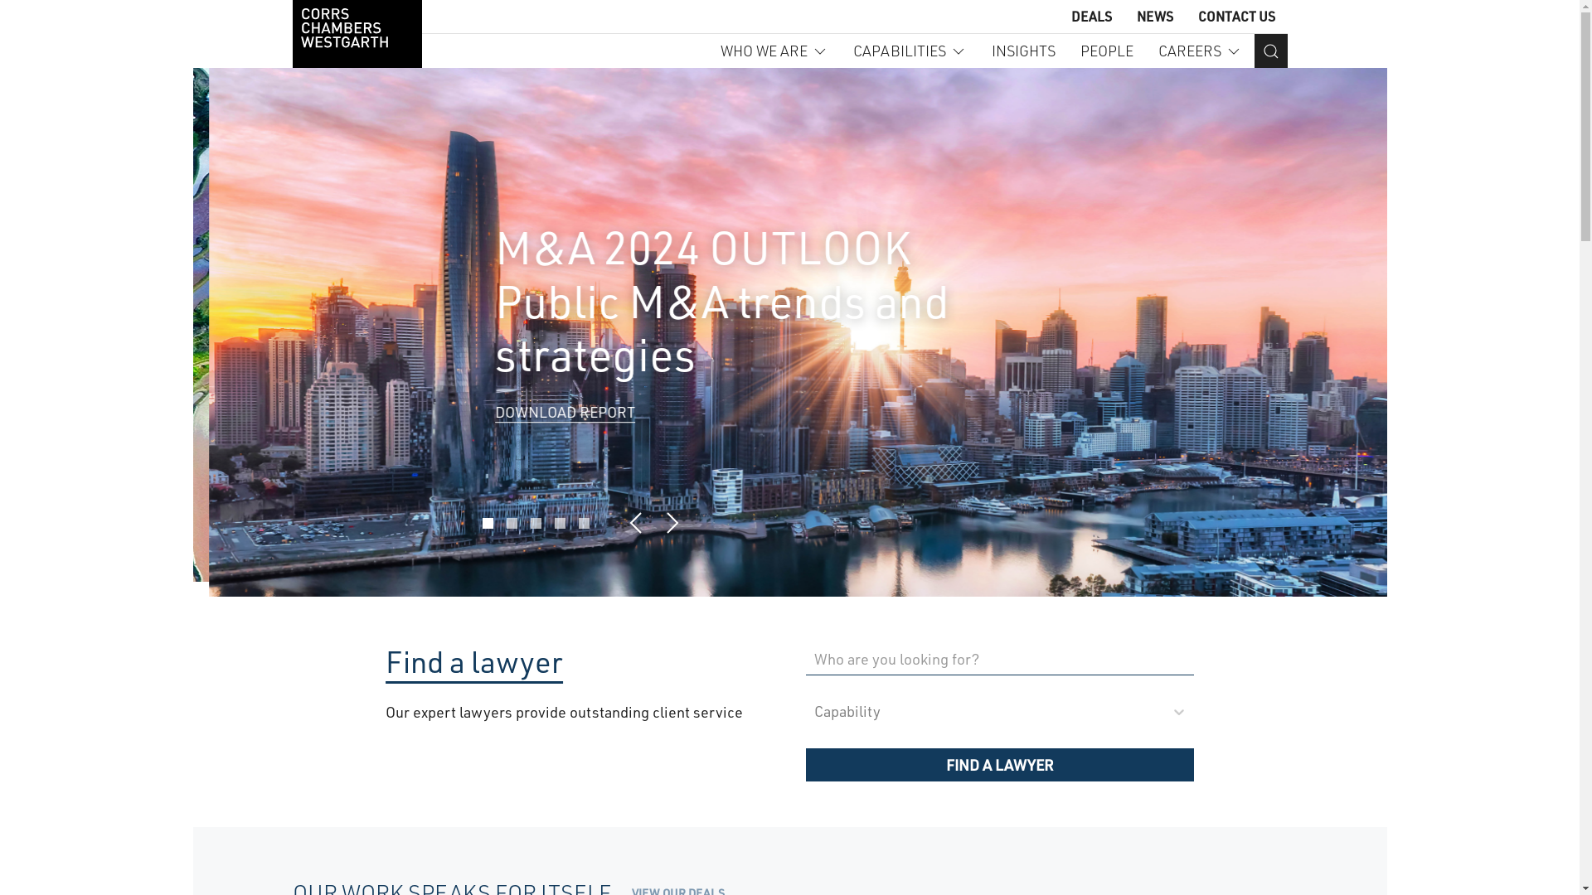  I want to click on 'DEALS', so click(1091, 16).